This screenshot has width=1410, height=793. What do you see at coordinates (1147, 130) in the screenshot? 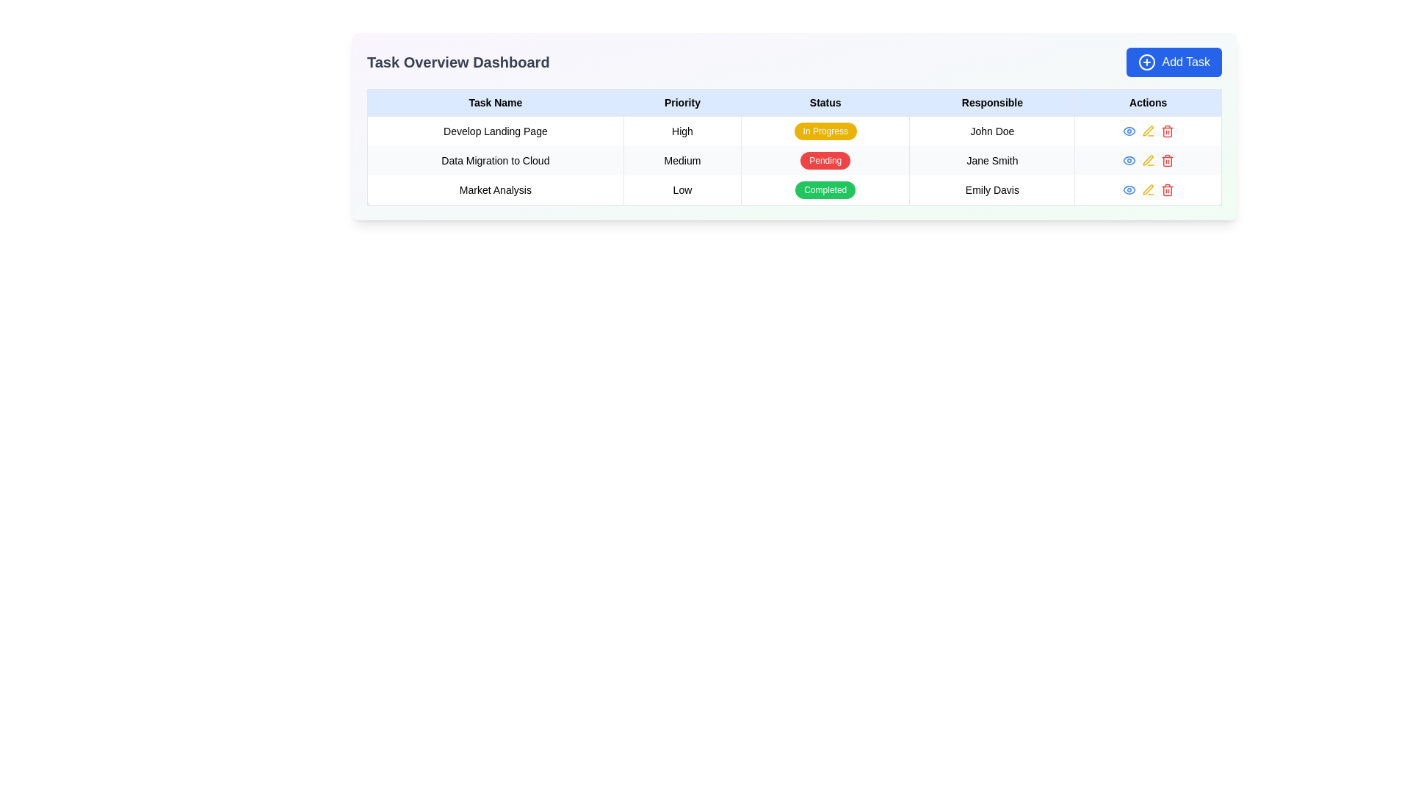
I see `the second 'edit' icon button in the 'Actions' column of the task table, which allows users to modify task details` at bounding box center [1147, 130].